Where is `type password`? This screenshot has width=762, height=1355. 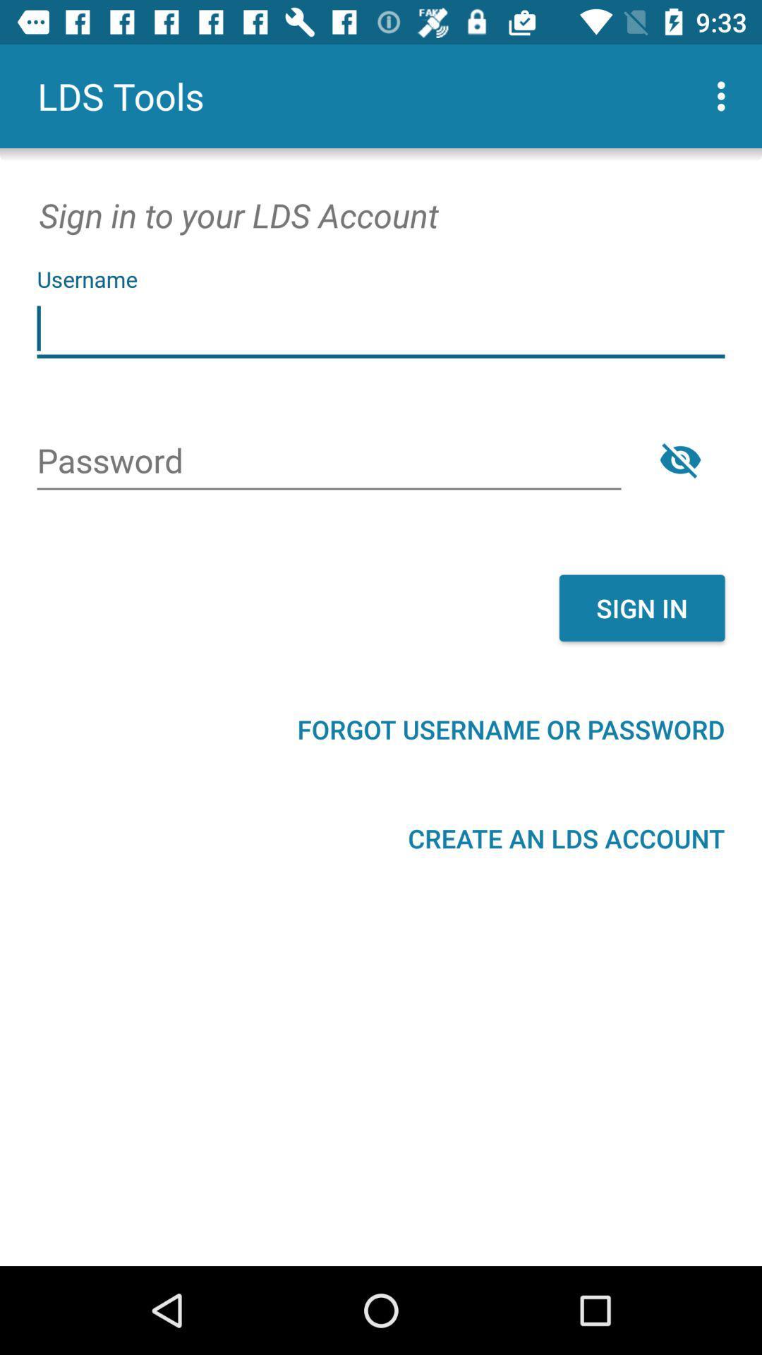 type password is located at coordinates (329, 462).